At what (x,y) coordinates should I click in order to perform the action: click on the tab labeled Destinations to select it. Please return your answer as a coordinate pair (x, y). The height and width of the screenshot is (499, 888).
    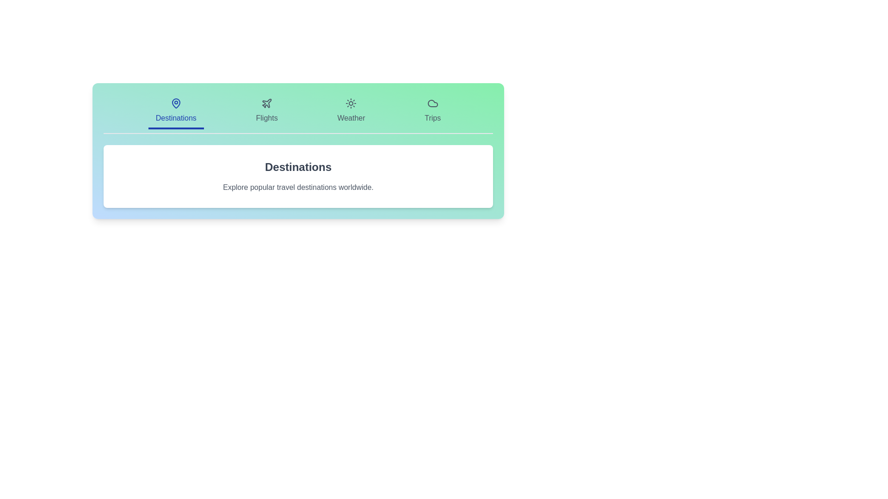
    Looking at the image, I should click on (176, 111).